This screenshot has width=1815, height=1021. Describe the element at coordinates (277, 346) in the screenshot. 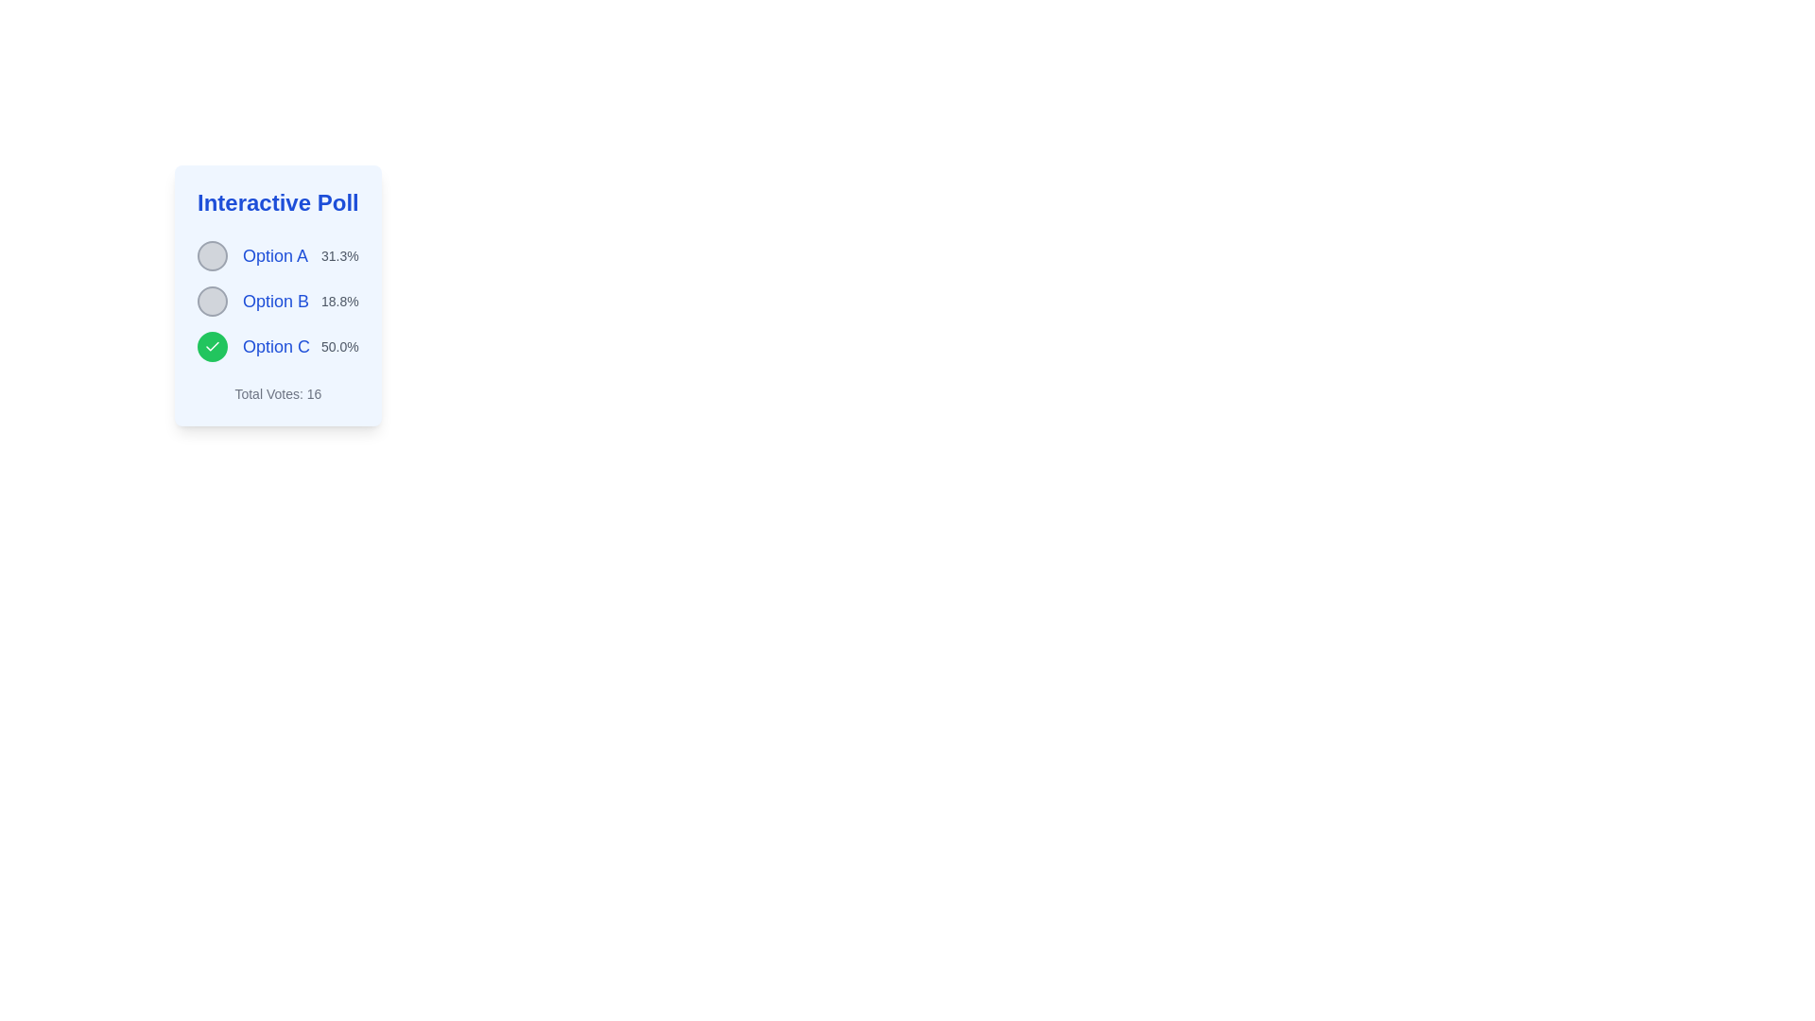

I see `associated label and percentage data of the selected poll option 'Option C' checkbox, which is the third entry in the vertical list of options in the 'Interactive Poll' card` at that location.